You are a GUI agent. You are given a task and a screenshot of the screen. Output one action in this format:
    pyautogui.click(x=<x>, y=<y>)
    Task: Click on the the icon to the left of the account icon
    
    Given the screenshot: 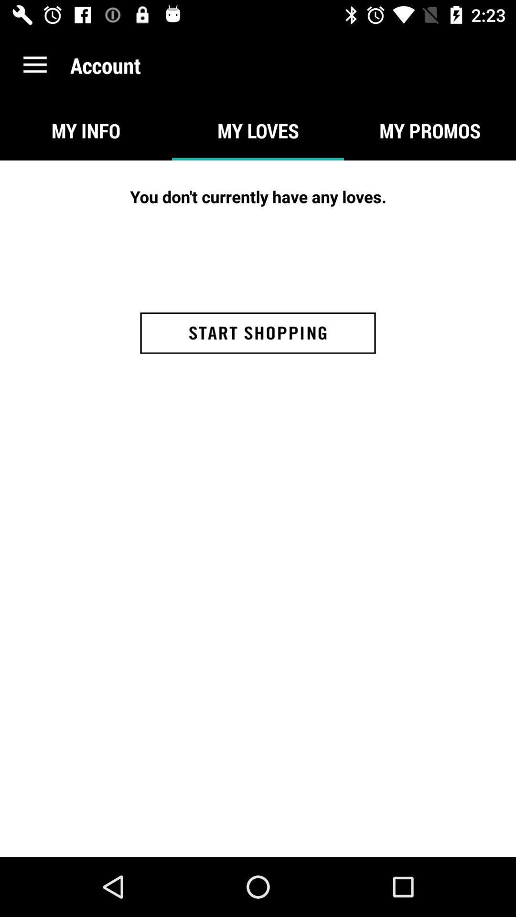 What is the action you would take?
    pyautogui.click(x=34, y=64)
    